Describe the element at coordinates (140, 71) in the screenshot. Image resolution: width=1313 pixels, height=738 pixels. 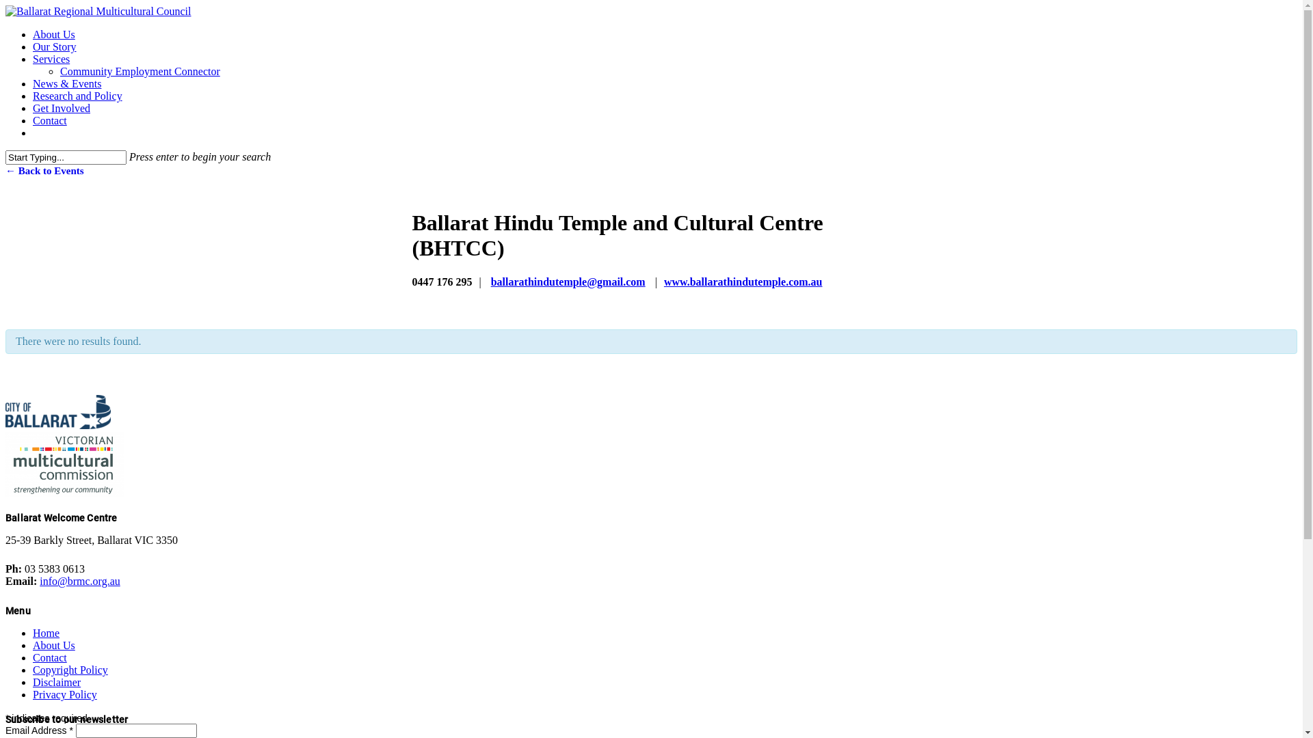
I see `'Community Employment Connector'` at that location.